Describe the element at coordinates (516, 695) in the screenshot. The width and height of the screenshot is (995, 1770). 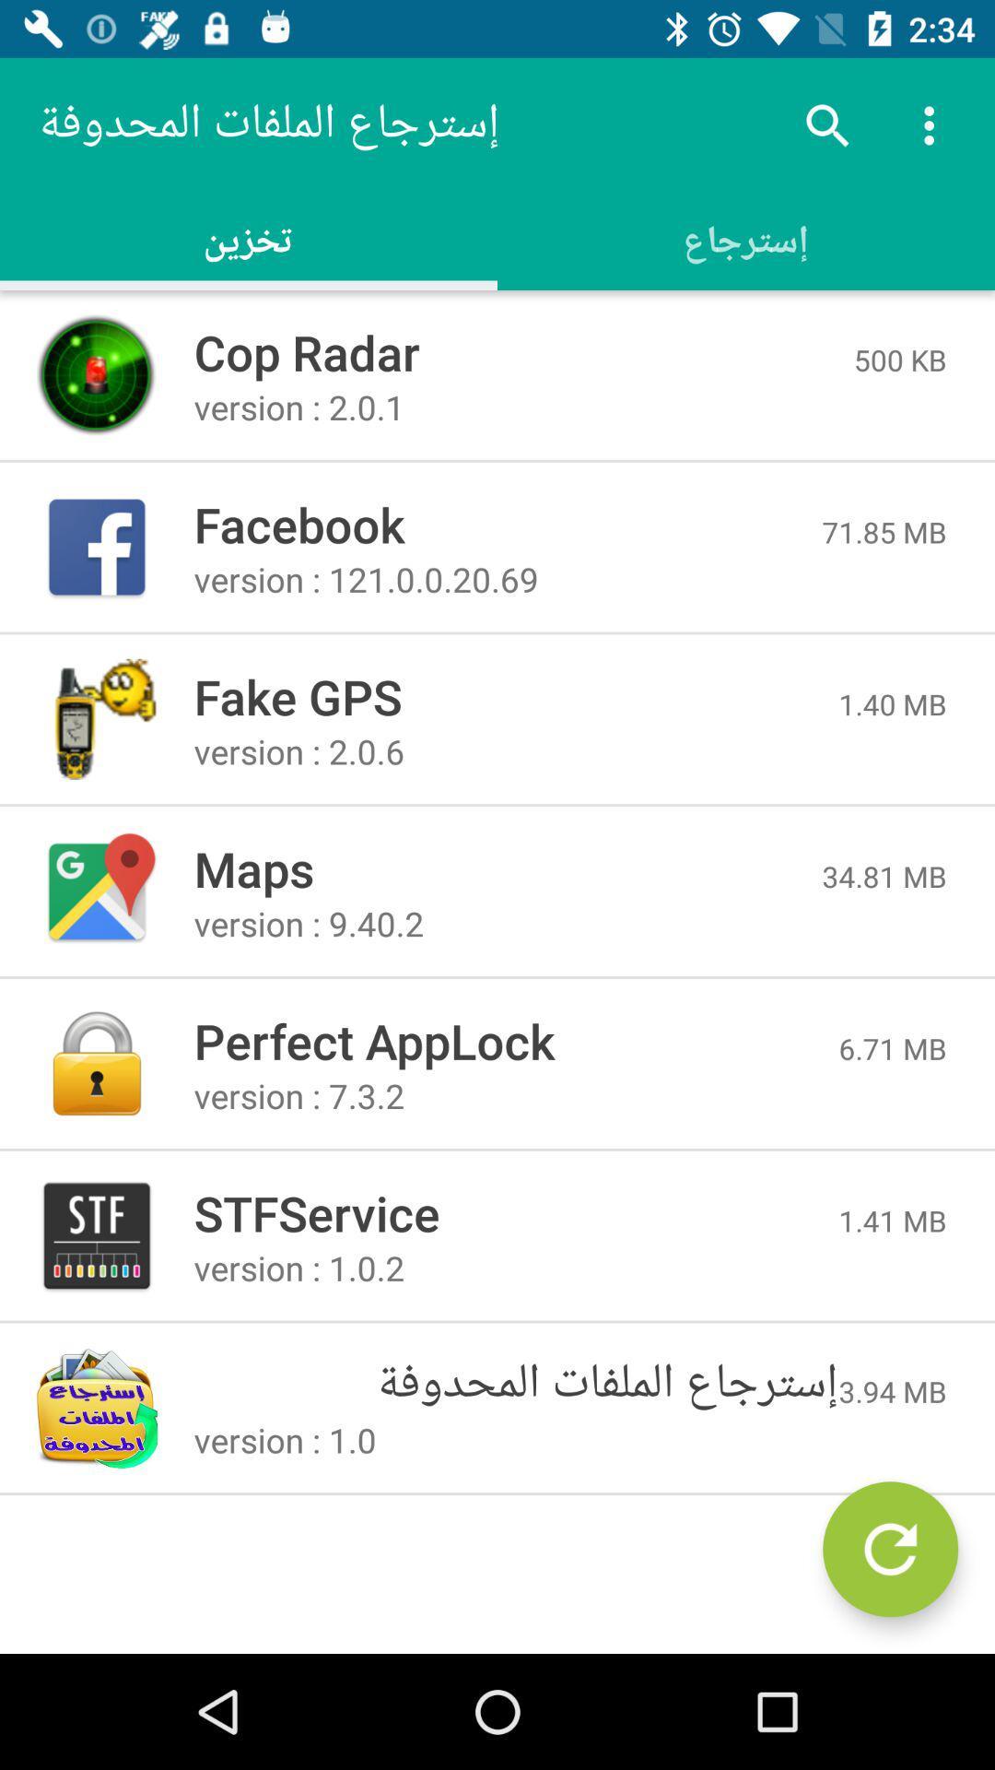
I see `icon next to the 1.40 mb icon` at that location.